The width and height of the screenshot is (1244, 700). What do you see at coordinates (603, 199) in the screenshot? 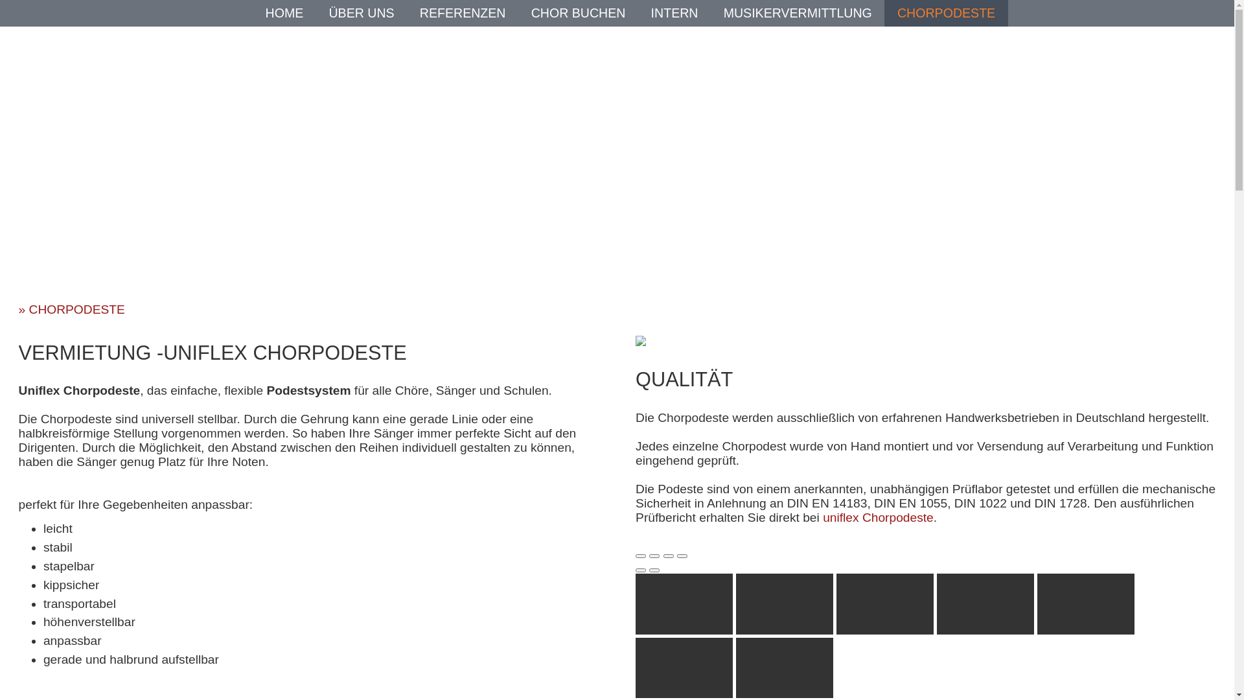
I see `'Anmelden'` at bounding box center [603, 199].